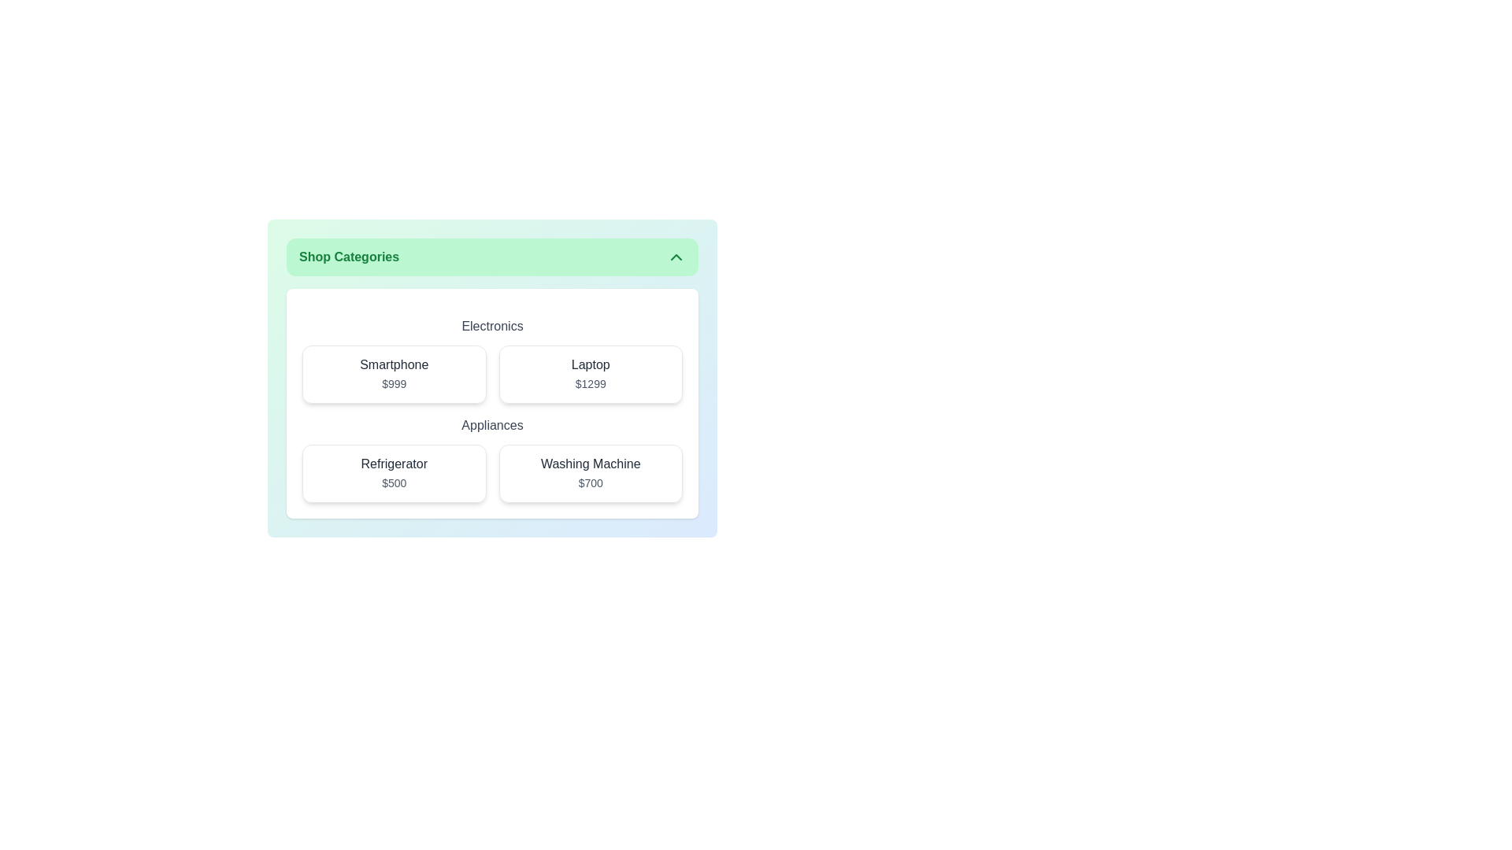  What do you see at coordinates (590, 374) in the screenshot?
I see `the product card for the Laptop priced at $1299 located in the top-right corner of the Electronics section` at bounding box center [590, 374].